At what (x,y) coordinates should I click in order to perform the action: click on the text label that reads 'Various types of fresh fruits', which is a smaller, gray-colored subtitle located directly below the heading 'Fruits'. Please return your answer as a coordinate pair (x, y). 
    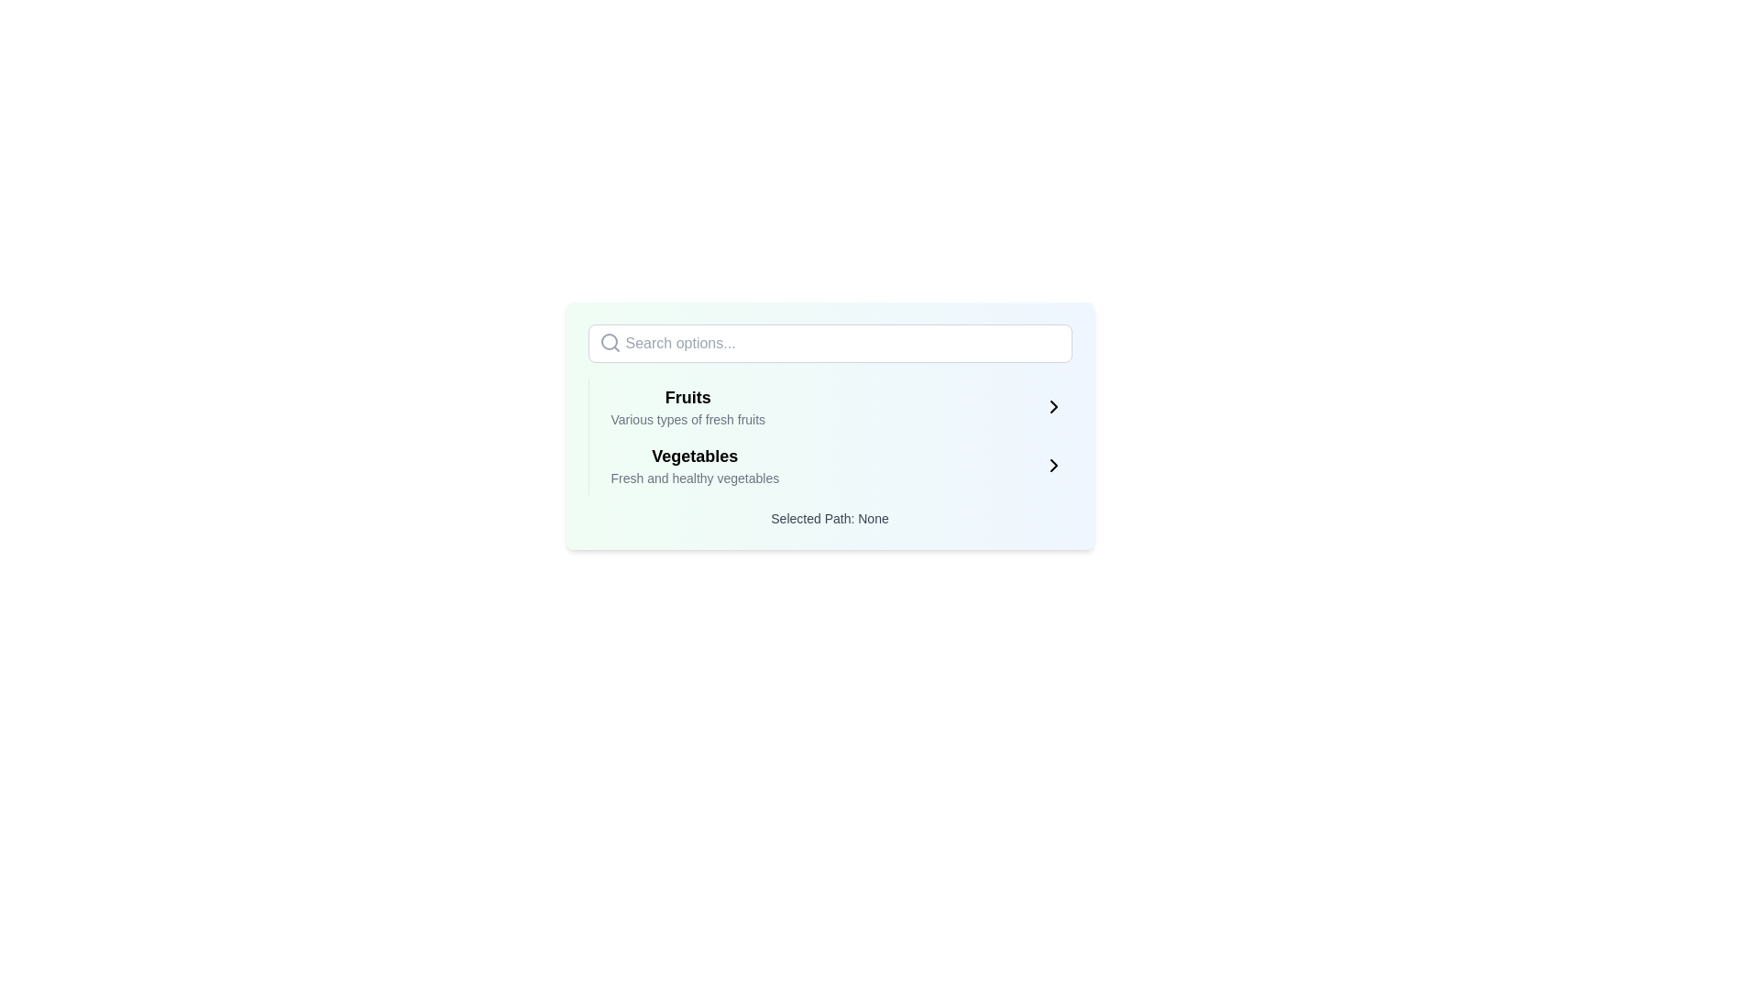
    Looking at the image, I should click on (687, 420).